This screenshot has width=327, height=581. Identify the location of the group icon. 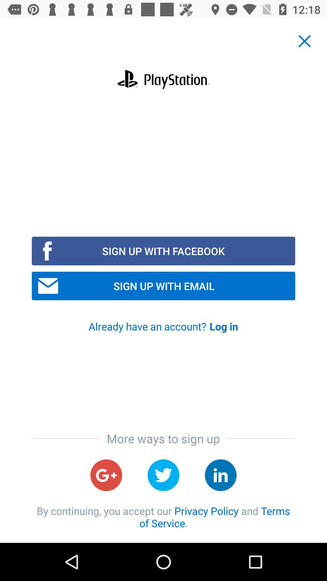
(221, 475).